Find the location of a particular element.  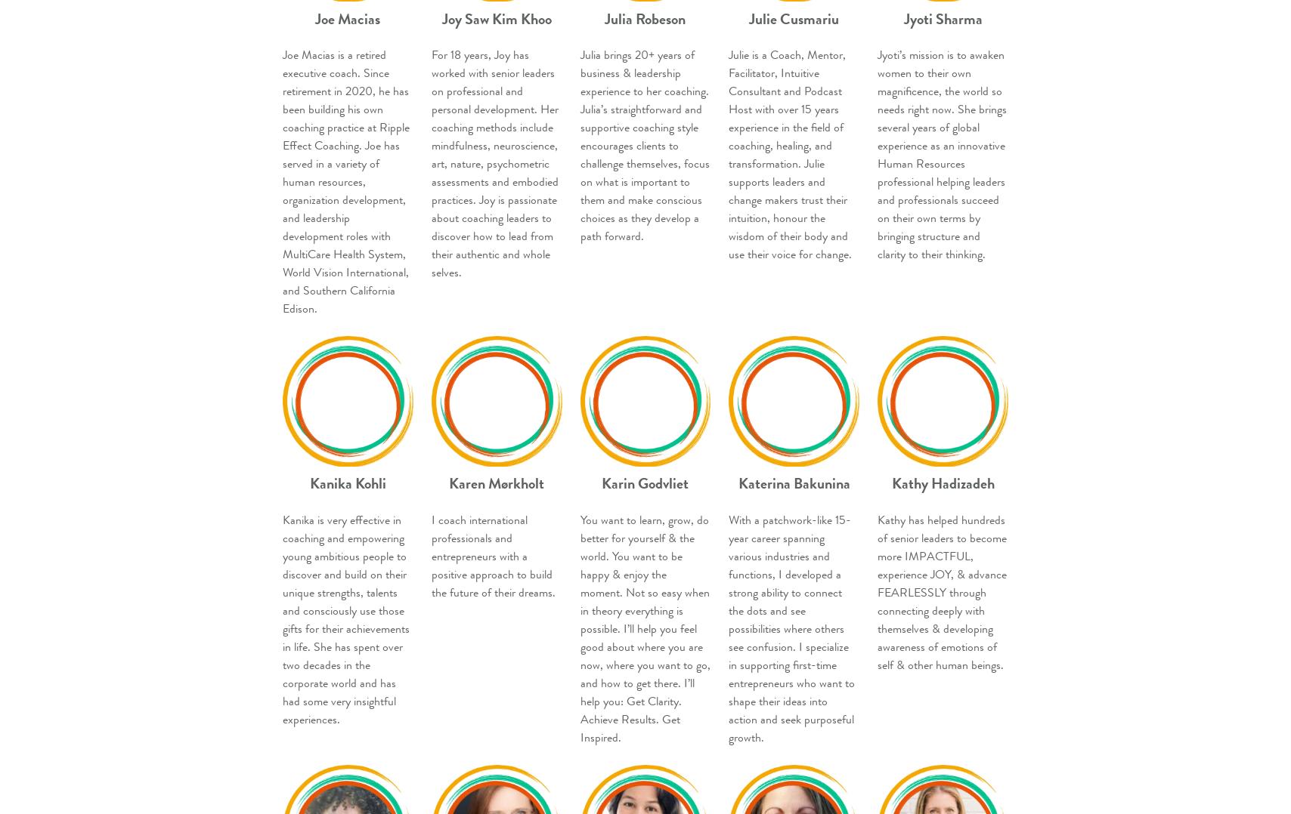

'Julia brings 20+ years of business & leadership experience to her coaching. Julia’s straightforward and supportive coaching style encourages clients to challenge themselves, focus on what is important to them and make conscious choices as they develop a path forward.' is located at coordinates (580, 144).